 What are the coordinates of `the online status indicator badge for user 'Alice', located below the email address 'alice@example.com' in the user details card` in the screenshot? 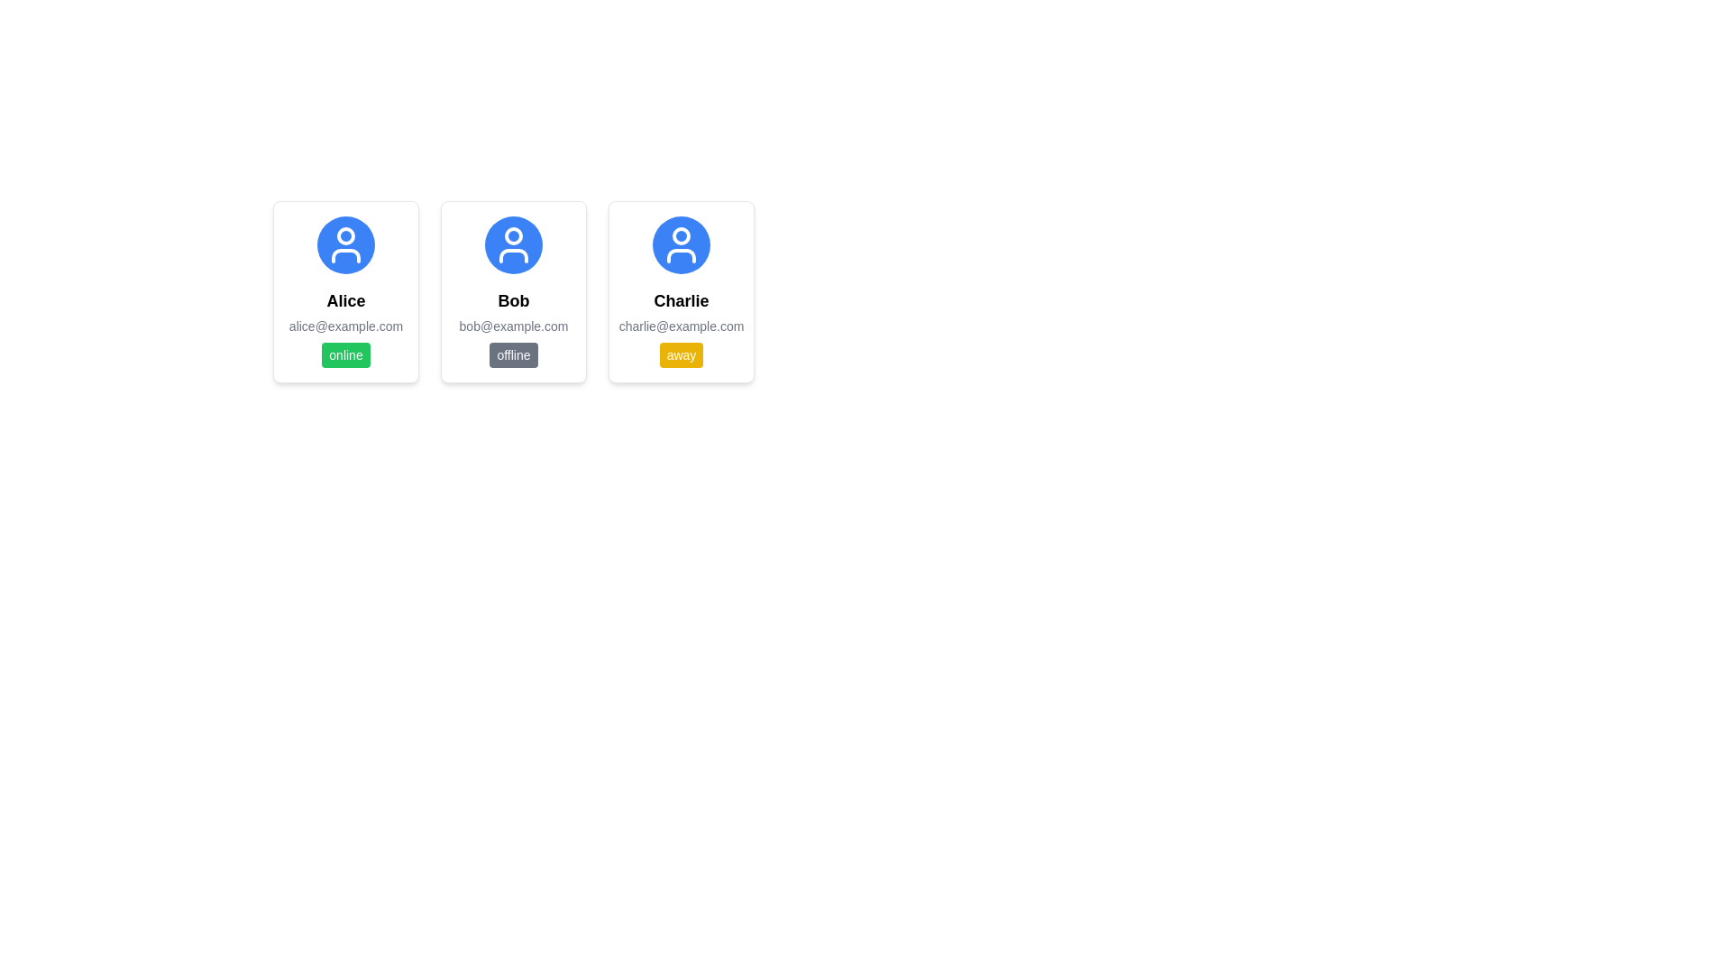 It's located at (346, 354).